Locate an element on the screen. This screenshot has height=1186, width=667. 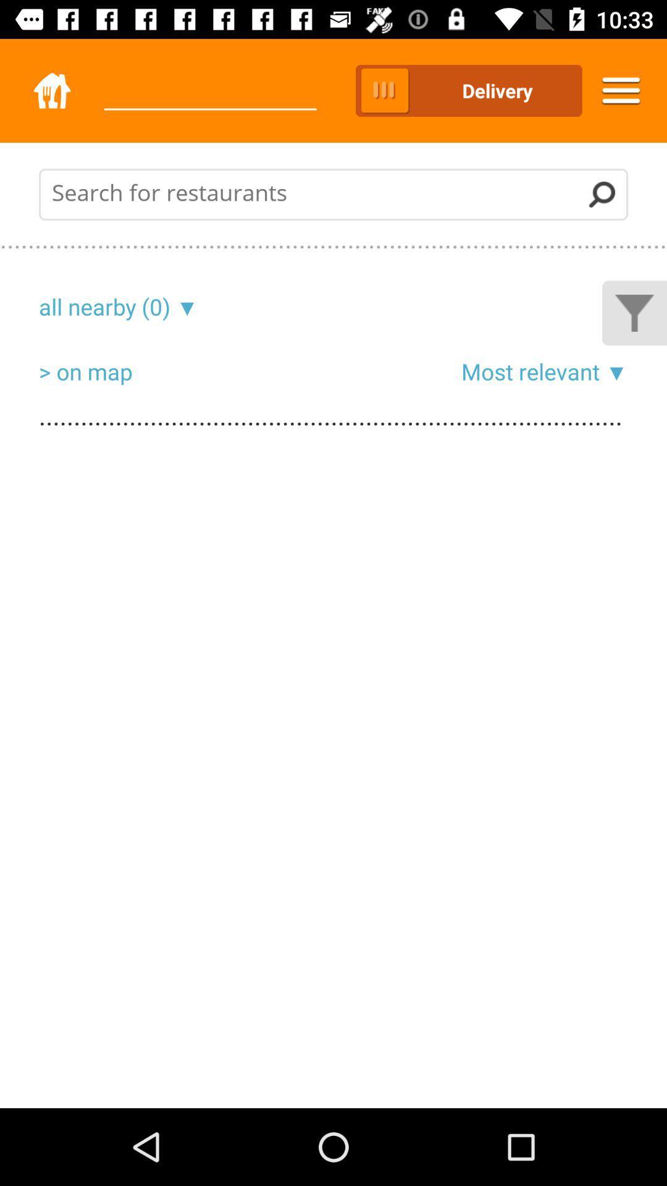
the item below the all nearby (0) item is located at coordinates (85, 371).